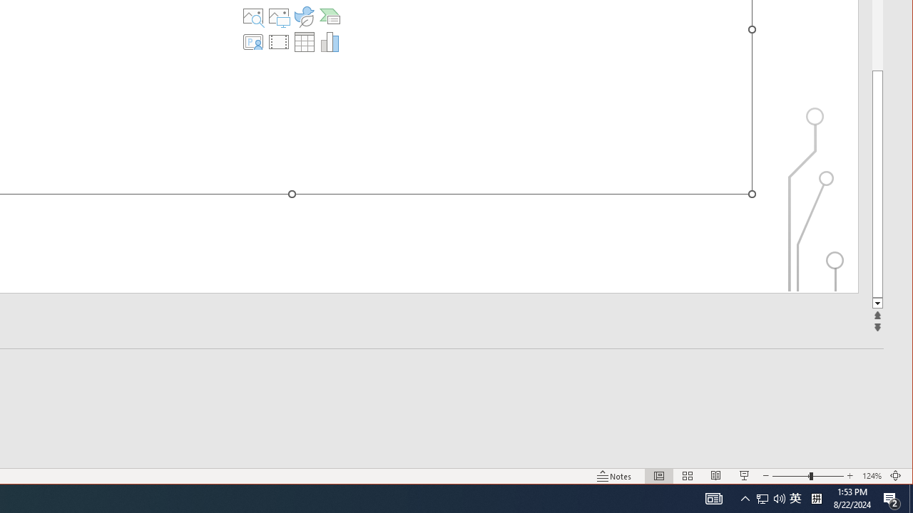  I want to click on 'Insert Table', so click(303, 41).